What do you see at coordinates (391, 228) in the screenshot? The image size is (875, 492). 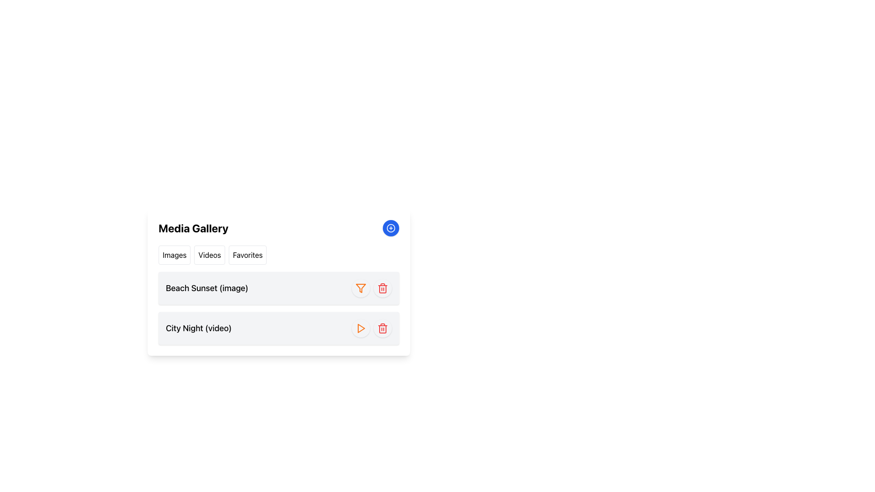 I see `the circular '+' icon located at the top-right corner of the UI` at bounding box center [391, 228].